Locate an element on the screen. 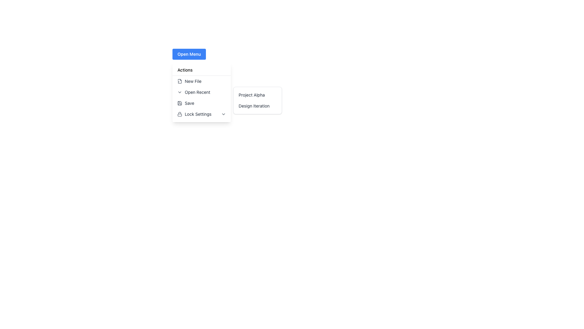 Image resolution: width=584 pixels, height=329 pixels. the 'Save' button, which is the third item in the dropdown menu labeled 'Actions', located between 'Open Recent' and 'Lock Settings', to change its visual state is located at coordinates (185, 103).